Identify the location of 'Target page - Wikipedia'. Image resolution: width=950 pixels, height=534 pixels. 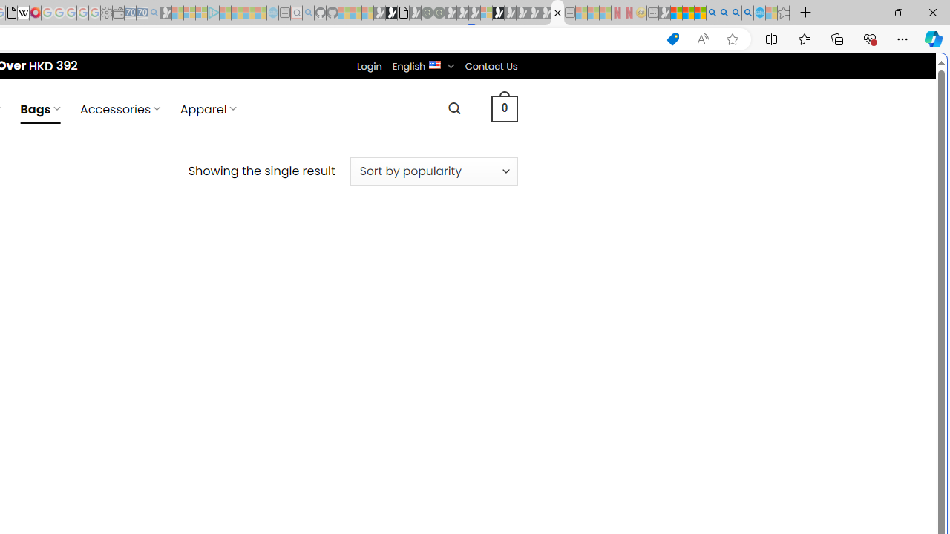
(24, 13).